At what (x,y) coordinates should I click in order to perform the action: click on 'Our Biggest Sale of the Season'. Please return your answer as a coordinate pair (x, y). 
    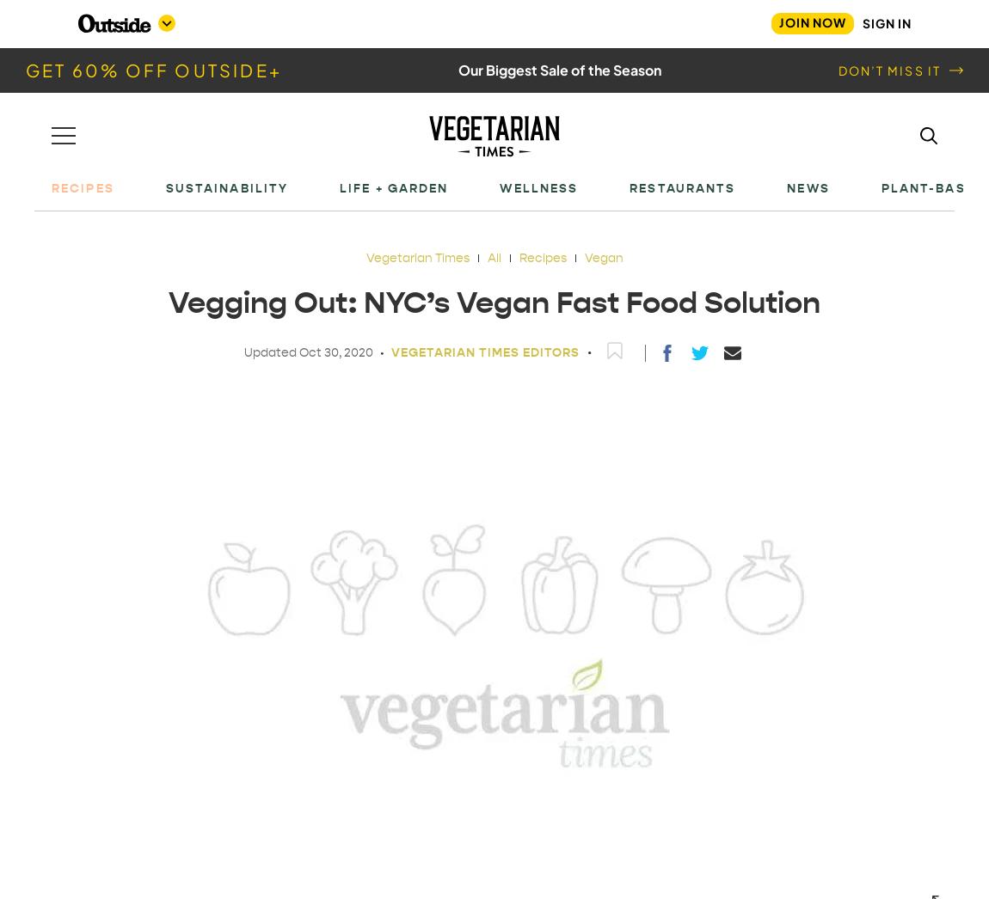
    Looking at the image, I should click on (458, 70).